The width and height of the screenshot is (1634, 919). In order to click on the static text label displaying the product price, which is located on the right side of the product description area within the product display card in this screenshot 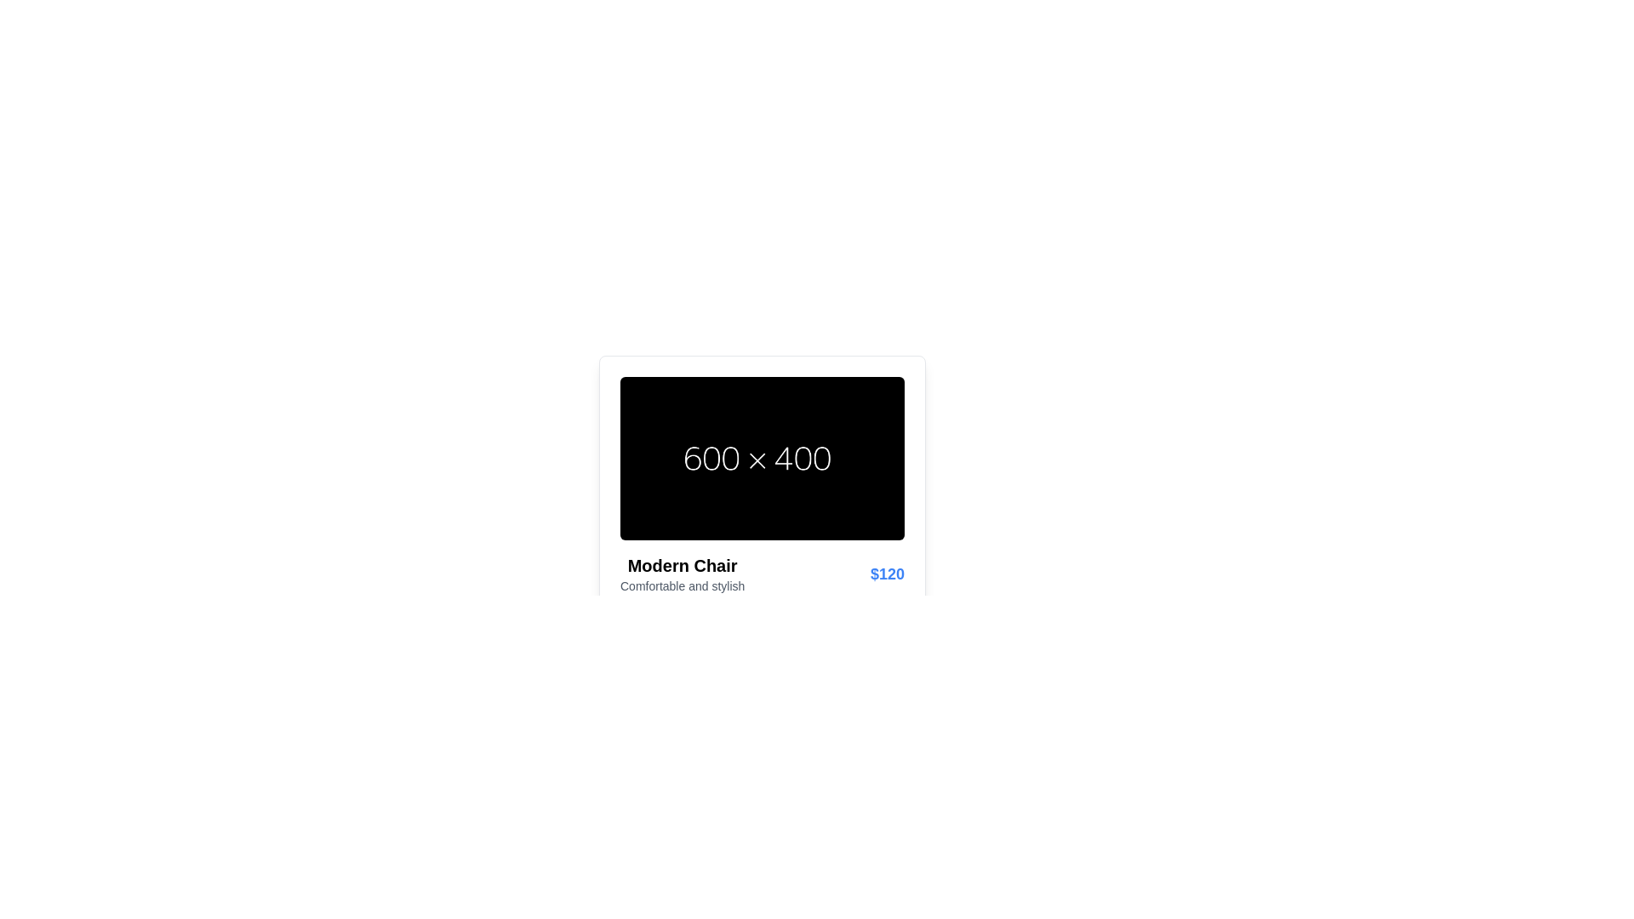, I will do `click(886, 574)`.